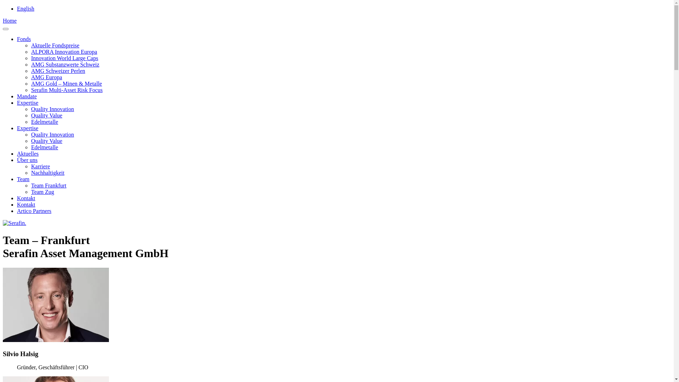  I want to click on 'Team', so click(23, 179).